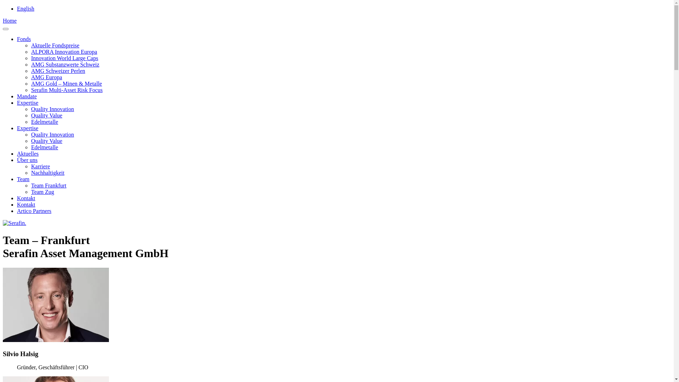  I want to click on 'Team', so click(23, 179).